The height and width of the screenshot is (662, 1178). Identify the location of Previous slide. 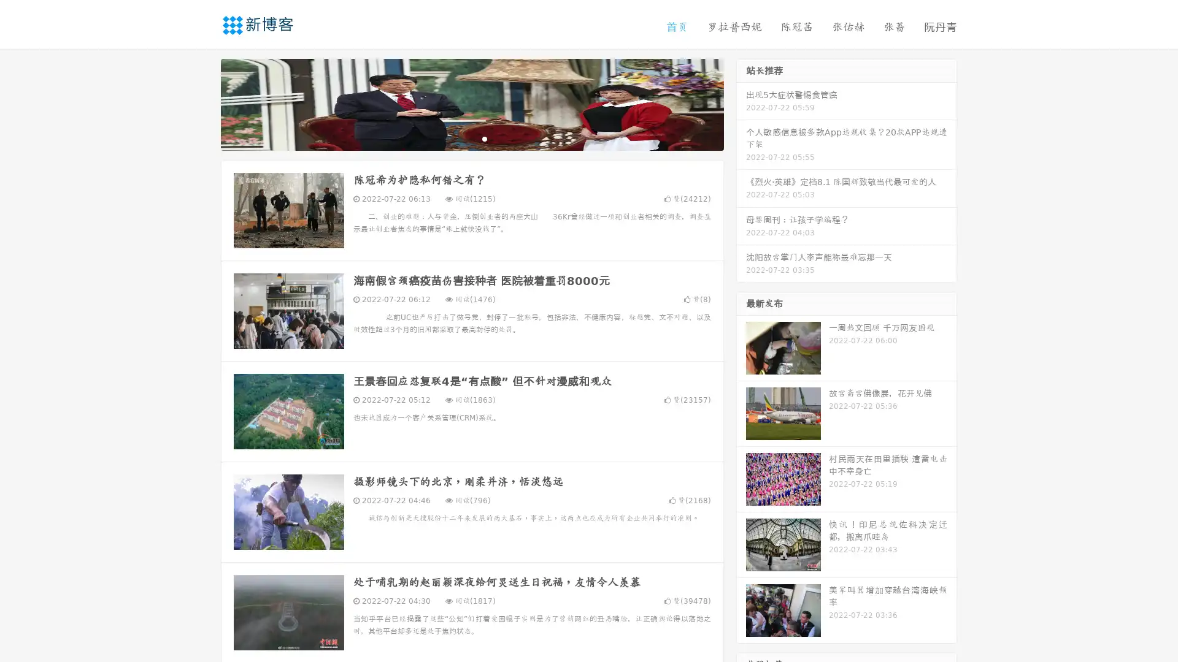
(202, 103).